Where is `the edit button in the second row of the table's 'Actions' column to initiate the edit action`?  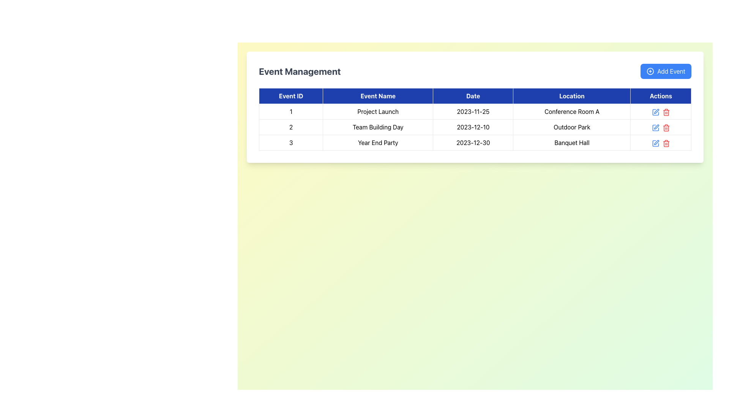 the edit button in the second row of the table's 'Actions' column to initiate the edit action is located at coordinates (656, 126).